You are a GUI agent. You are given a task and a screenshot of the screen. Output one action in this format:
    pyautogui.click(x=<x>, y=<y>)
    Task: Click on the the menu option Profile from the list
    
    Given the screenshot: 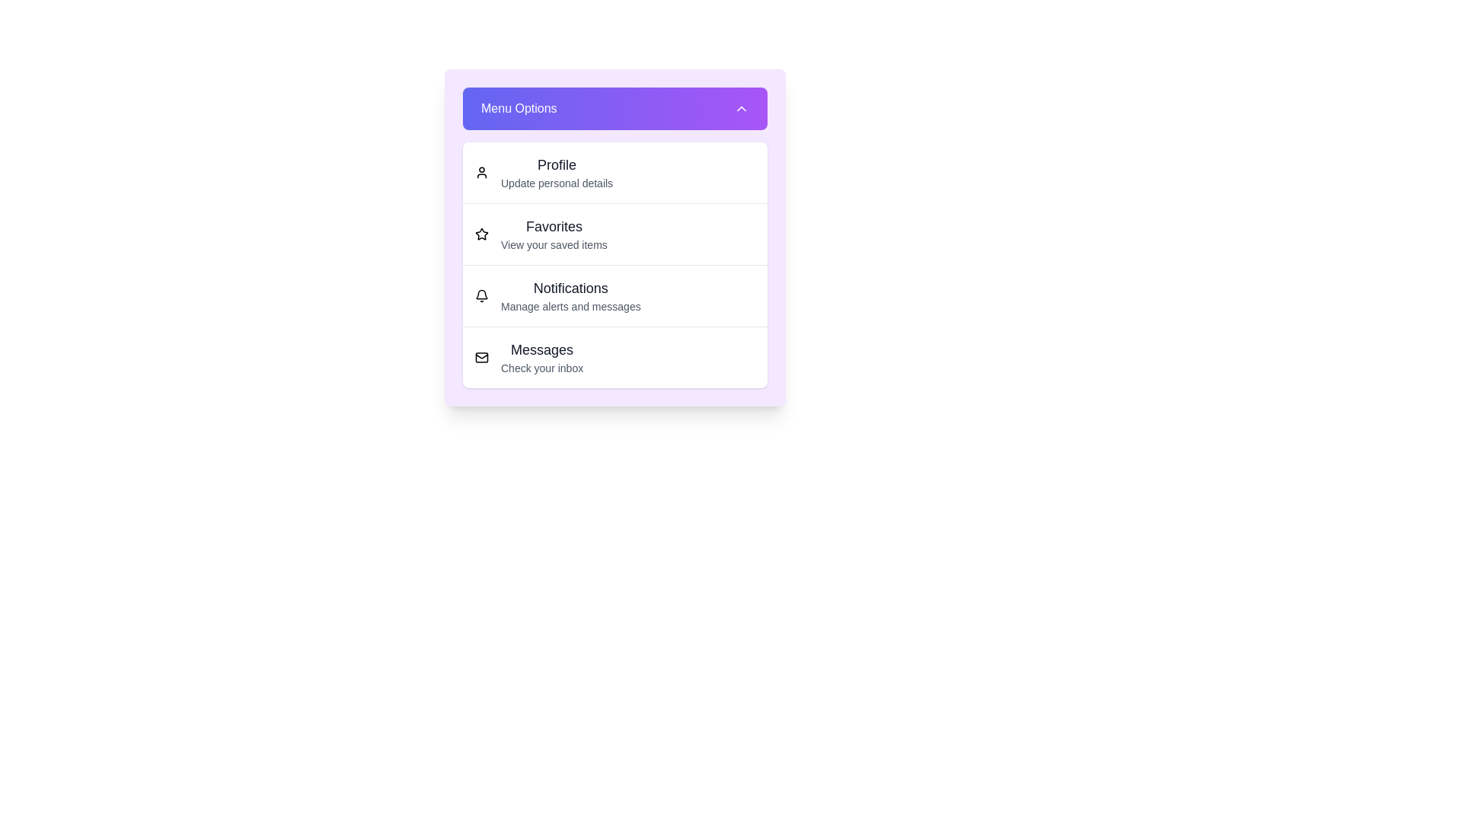 What is the action you would take?
    pyautogui.click(x=614, y=172)
    